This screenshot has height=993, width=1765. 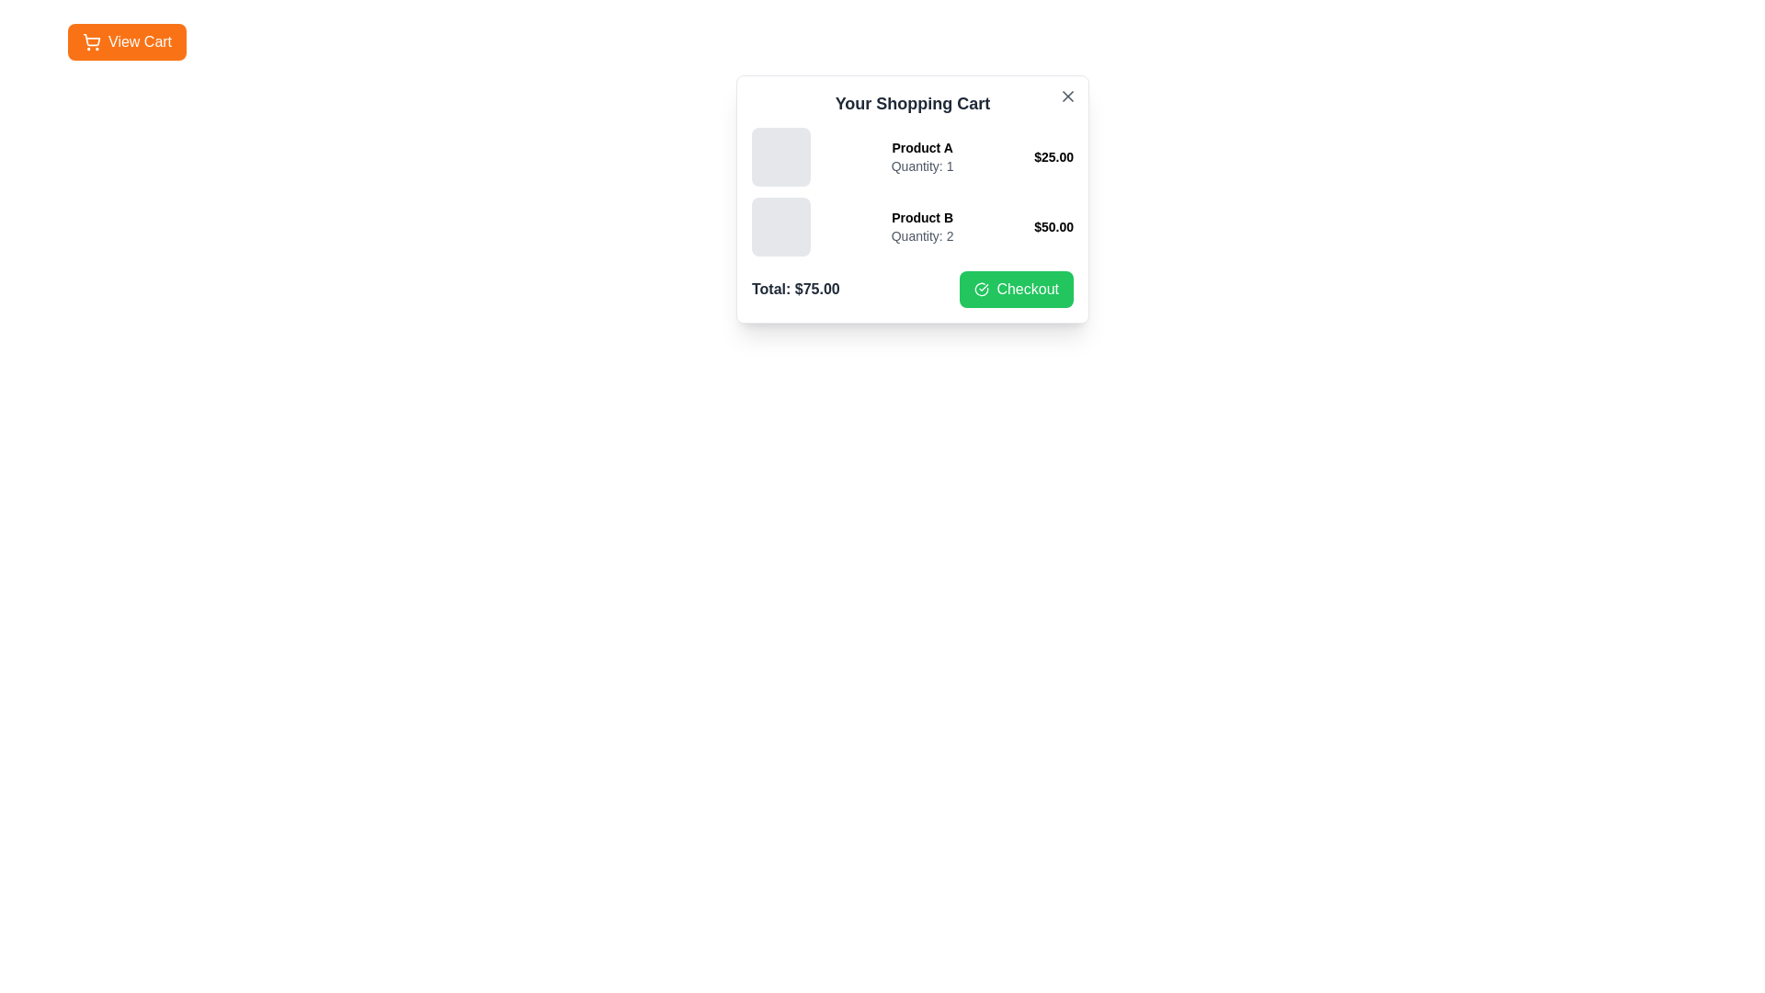 What do you see at coordinates (1016, 290) in the screenshot?
I see `the checkout button located at the bottom-right corner of the shopping cart dialog box, adjacent to the 'Total: $75.00' label` at bounding box center [1016, 290].